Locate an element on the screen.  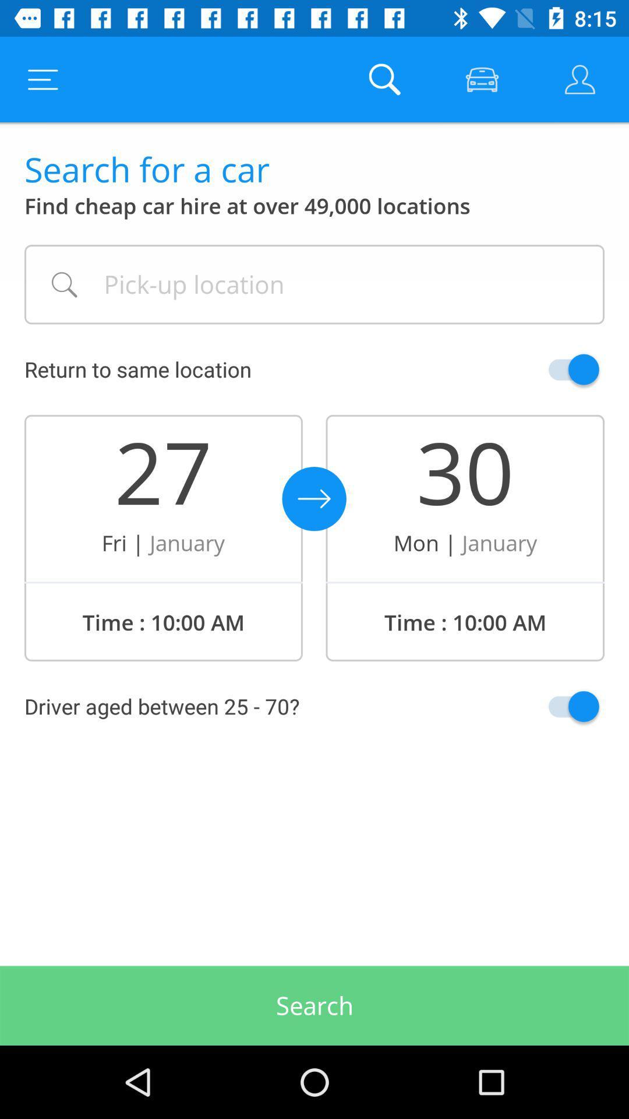
your pick-up location is located at coordinates (314, 284).